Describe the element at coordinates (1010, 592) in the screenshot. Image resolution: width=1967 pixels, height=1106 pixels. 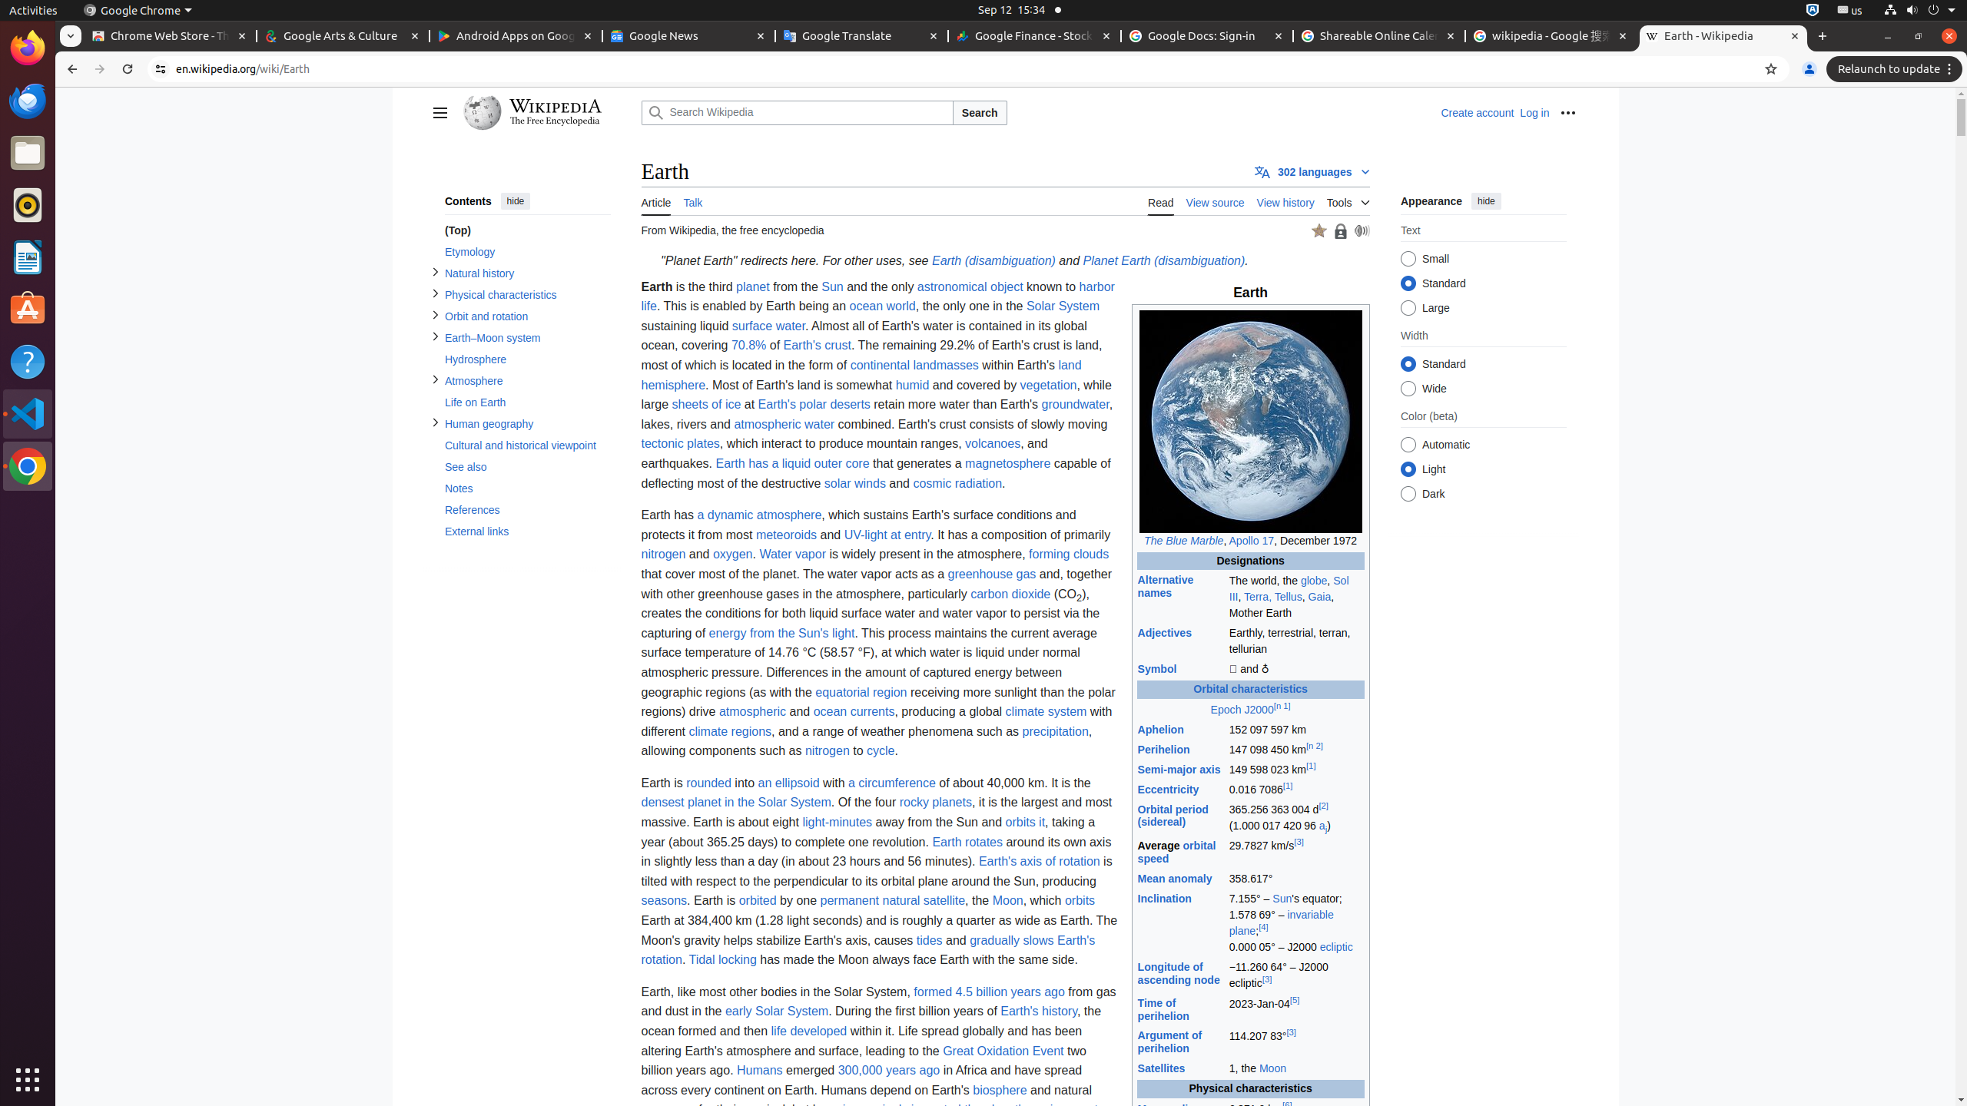
I see `'carbon dioxide'` at that location.